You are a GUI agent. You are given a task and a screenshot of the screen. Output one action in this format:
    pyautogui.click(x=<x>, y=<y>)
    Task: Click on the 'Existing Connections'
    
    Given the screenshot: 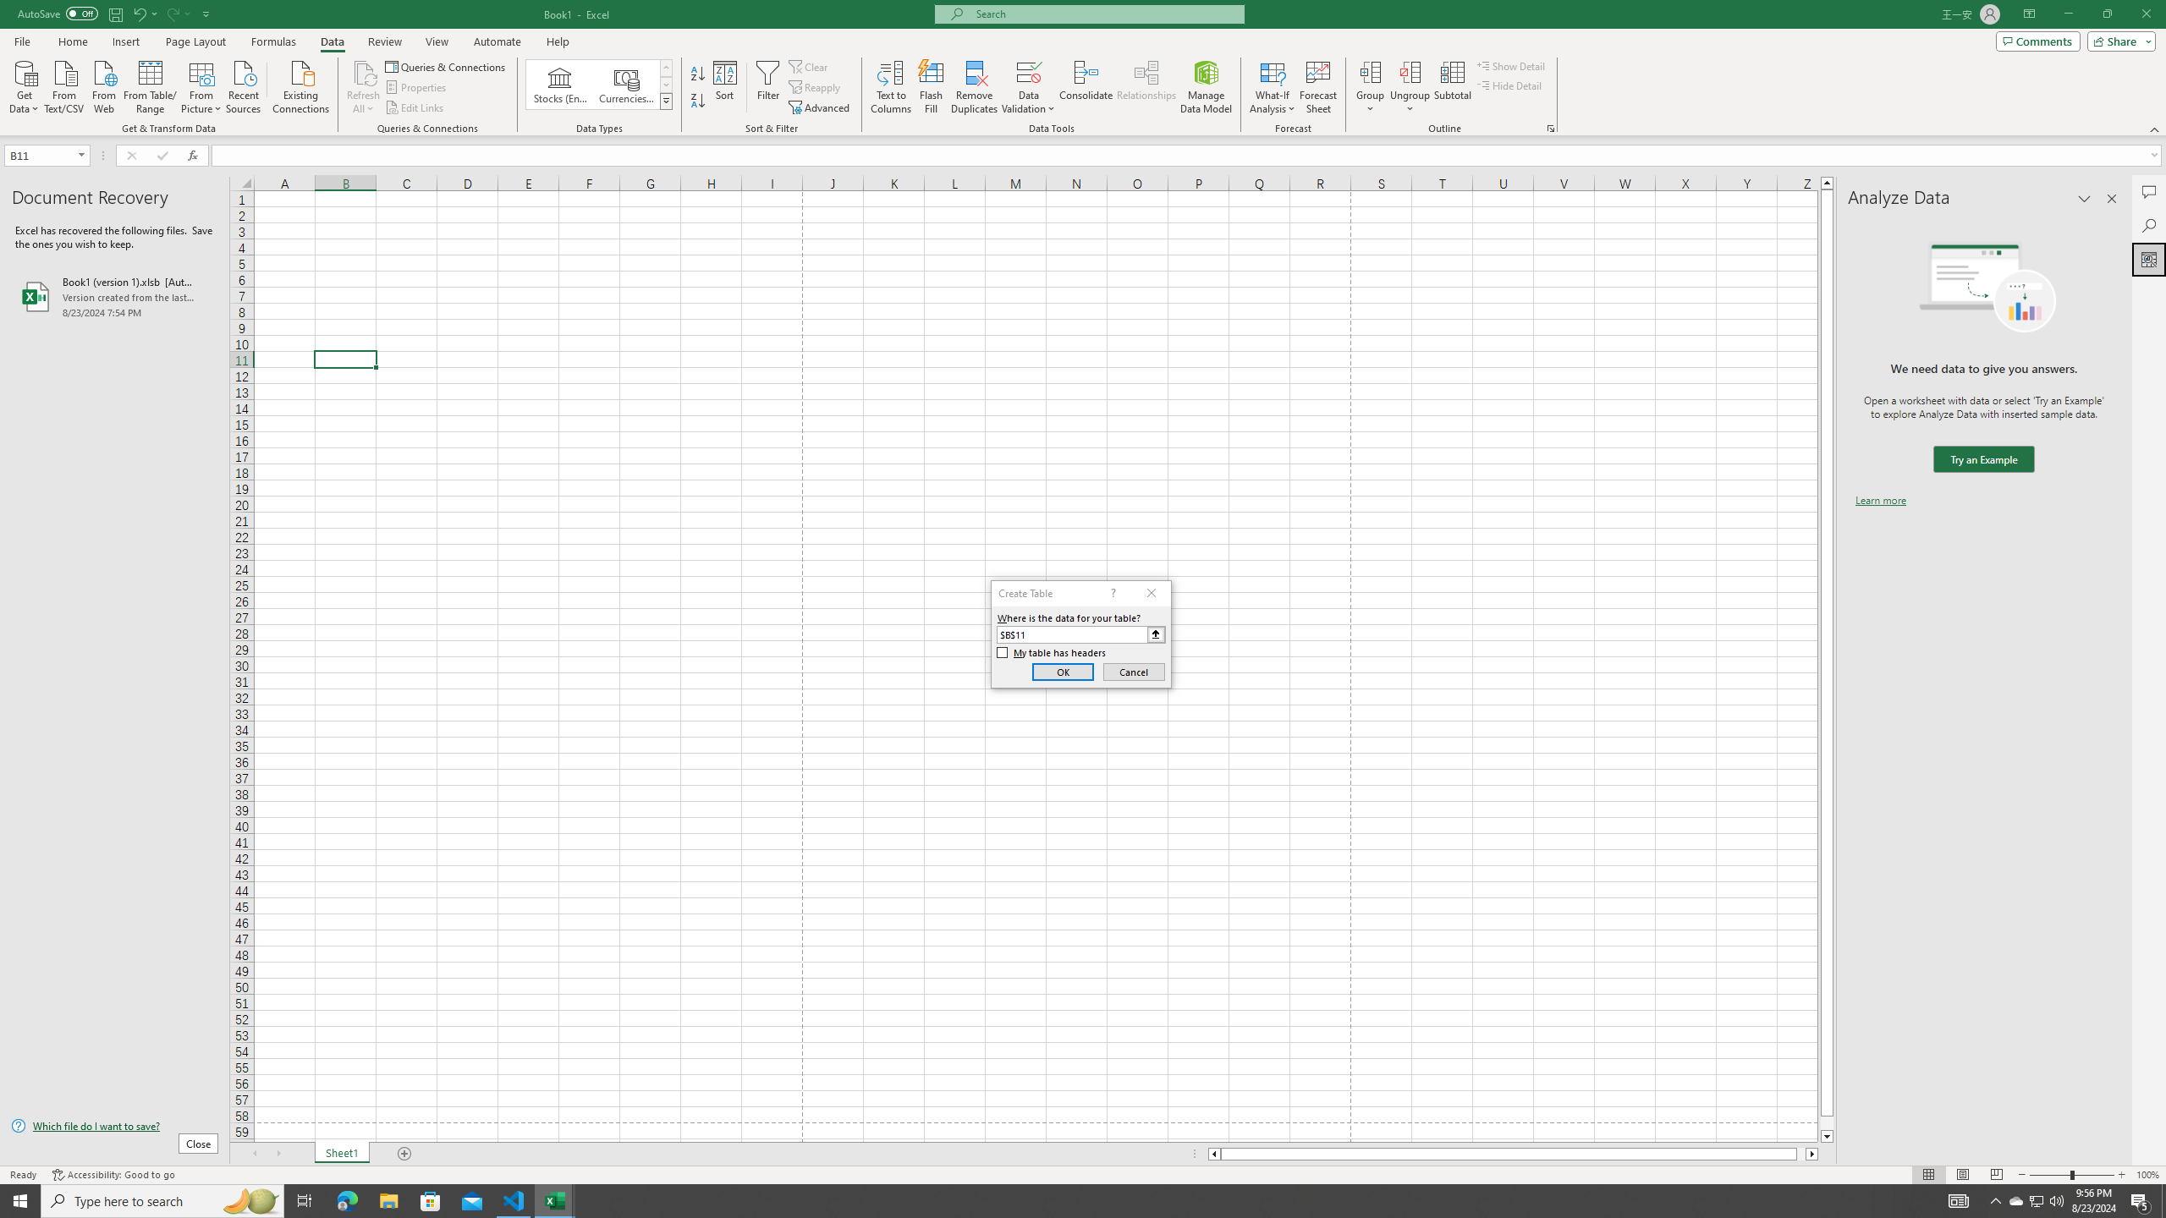 What is the action you would take?
    pyautogui.click(x=300, y=85)
    